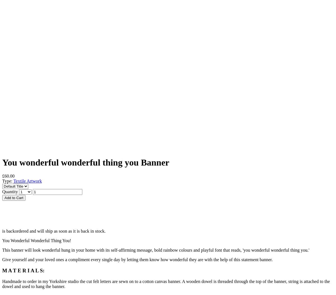 The height and width of the screenshot is (295, 336). Describe the element at coordinates (137, 259) in the screenshot. I see `'Give yourself and your loved ones a compliment every single day by letting them know how wonderful they are with the help of this statement banner.'` at that location.